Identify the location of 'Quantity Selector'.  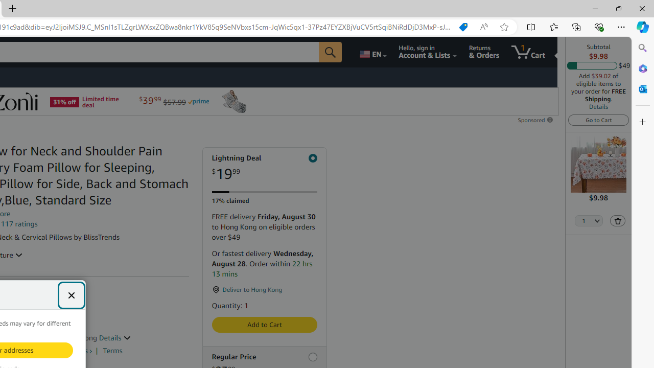
(589, 221).